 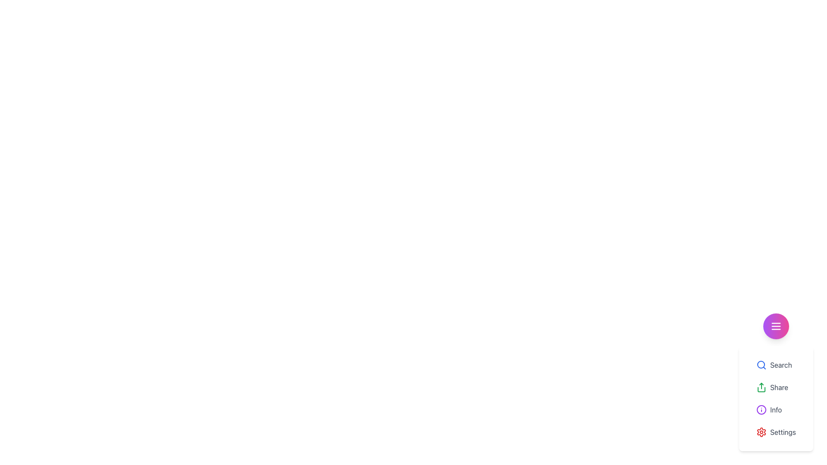 What do you see at coordinates (776, 365) in the screenshot?
I see `the 'Search' button, which is represented by a blue magnifying glass icon followed by the label 'Search' in black text` at bounding box center [776, 365].